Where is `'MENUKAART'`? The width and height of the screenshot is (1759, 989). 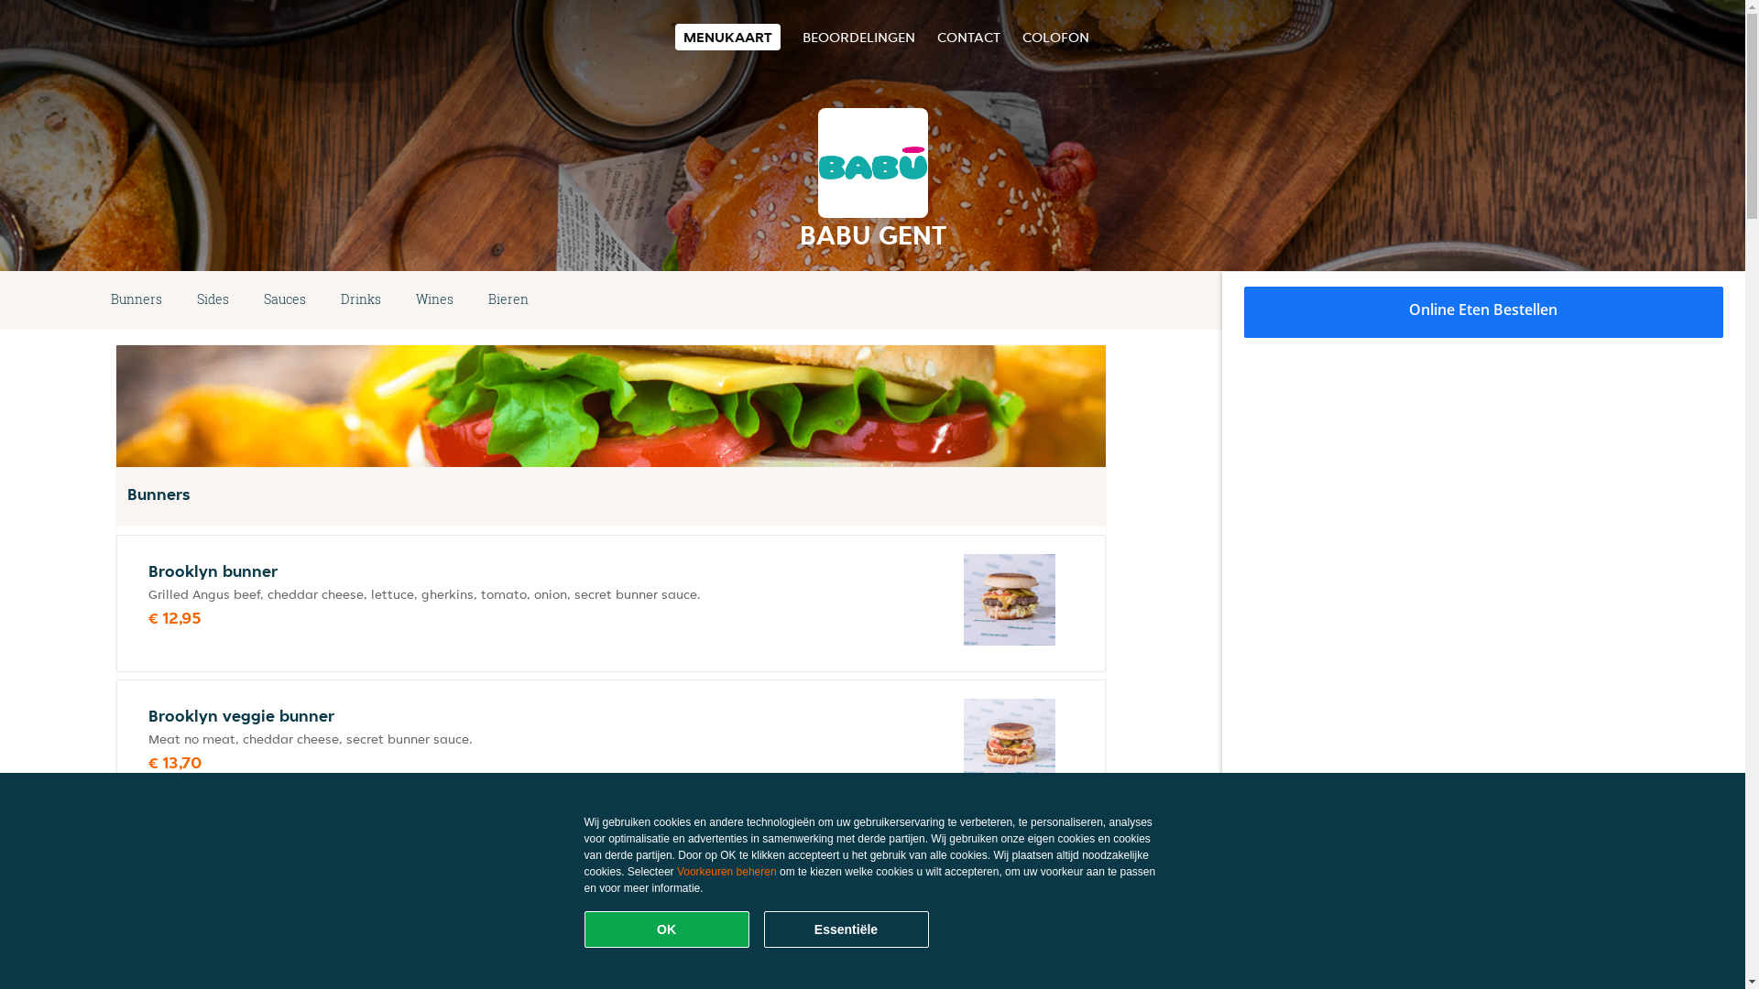
'MENUKAART' is located at coordinates (726, 37).